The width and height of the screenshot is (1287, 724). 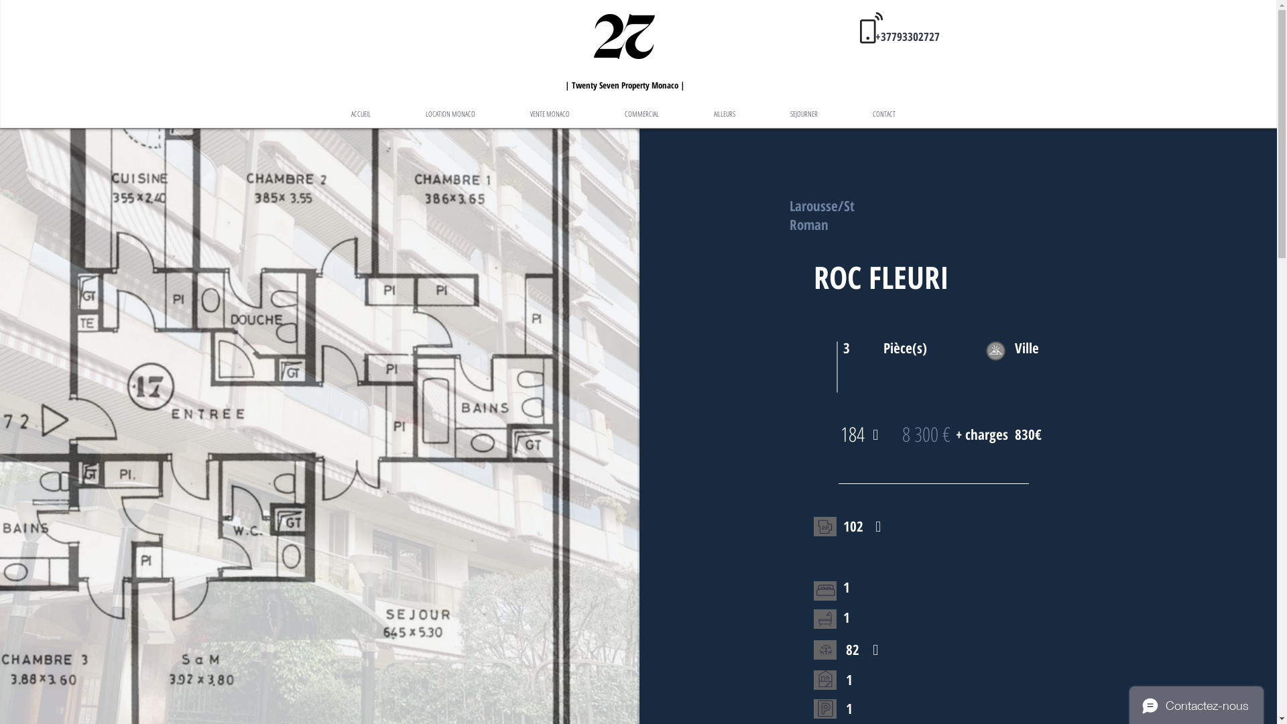 I want to click on 'CONTACT', so click(x=883, y=113).